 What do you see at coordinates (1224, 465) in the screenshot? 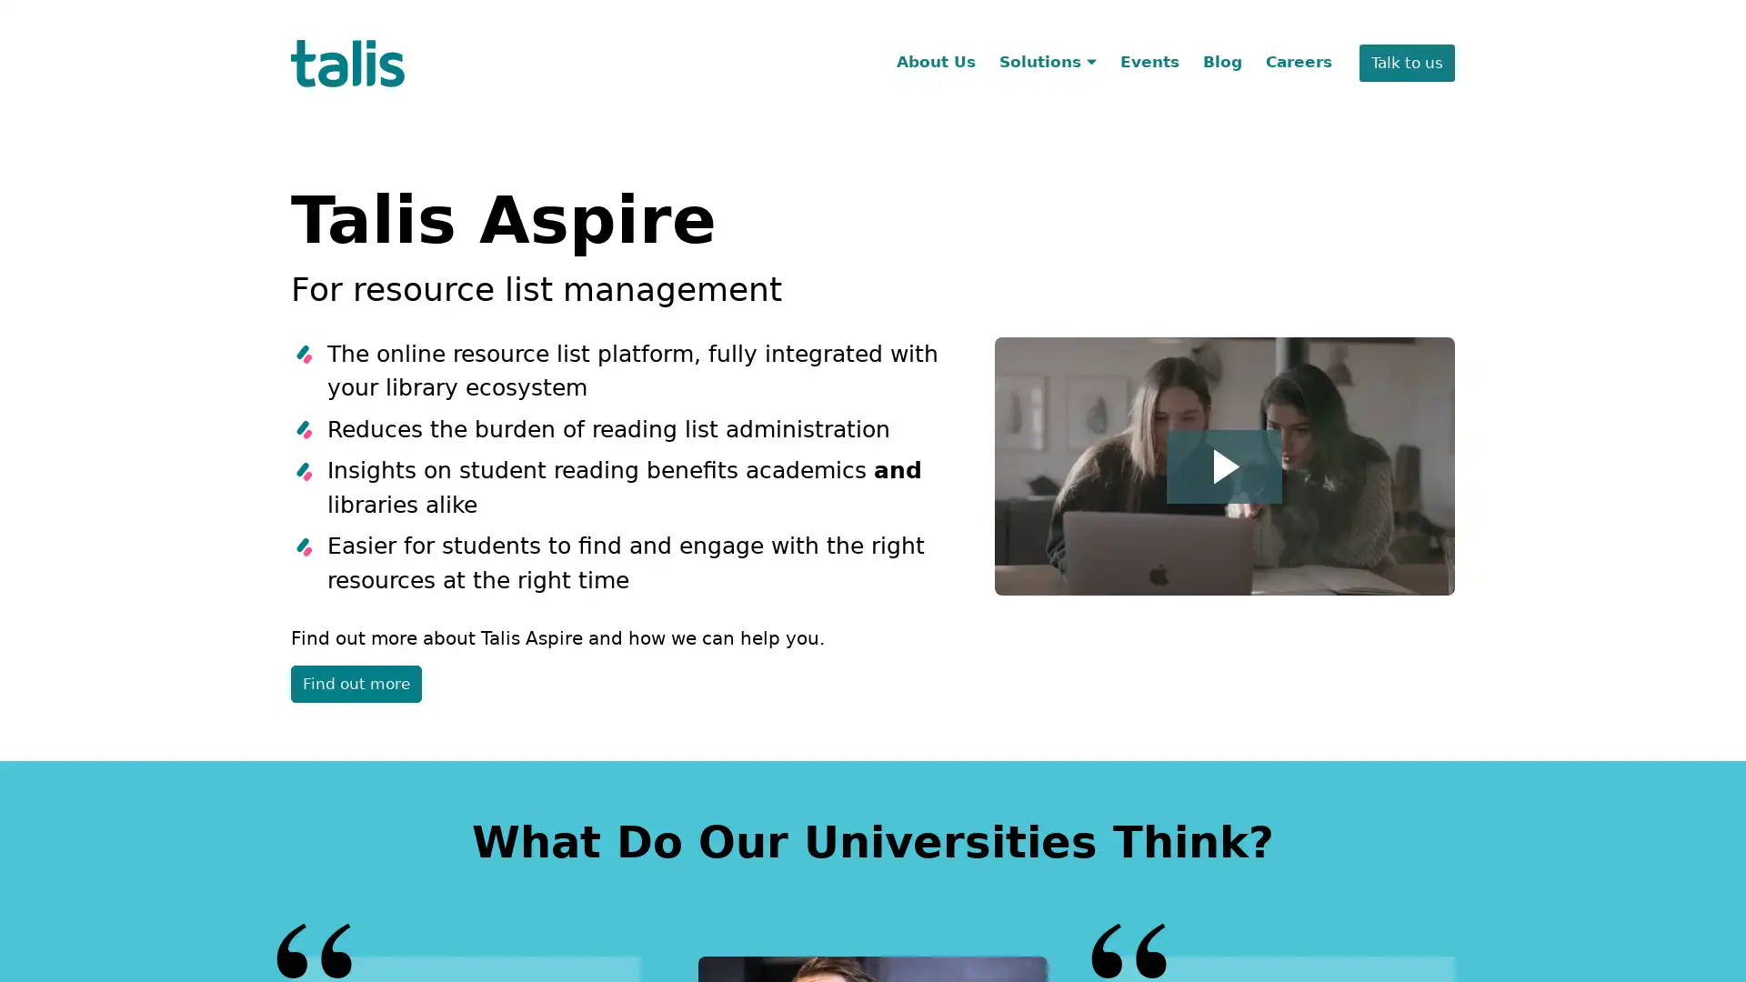
I see `Play` at bounding box center [1224, 465].